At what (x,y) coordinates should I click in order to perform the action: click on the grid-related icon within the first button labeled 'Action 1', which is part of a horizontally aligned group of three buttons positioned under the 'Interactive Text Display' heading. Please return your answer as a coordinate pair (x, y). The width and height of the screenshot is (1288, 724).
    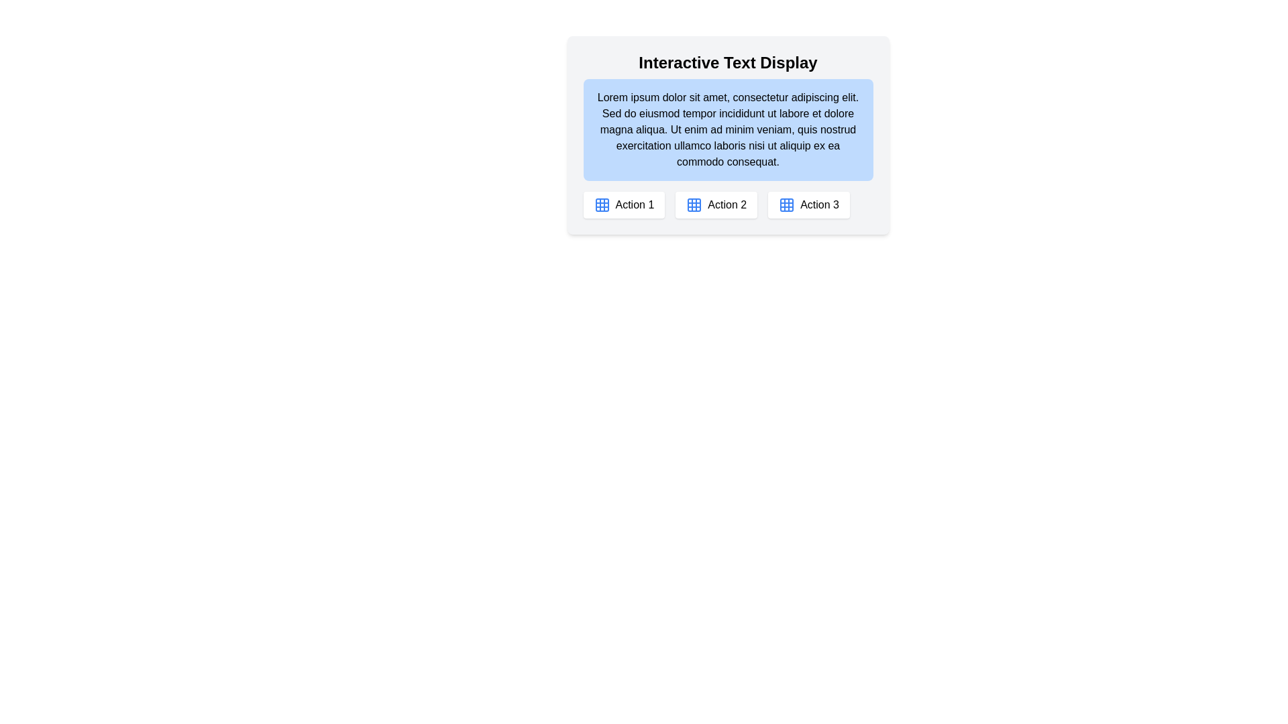
    Looking at the image, I should click on (601, 204).